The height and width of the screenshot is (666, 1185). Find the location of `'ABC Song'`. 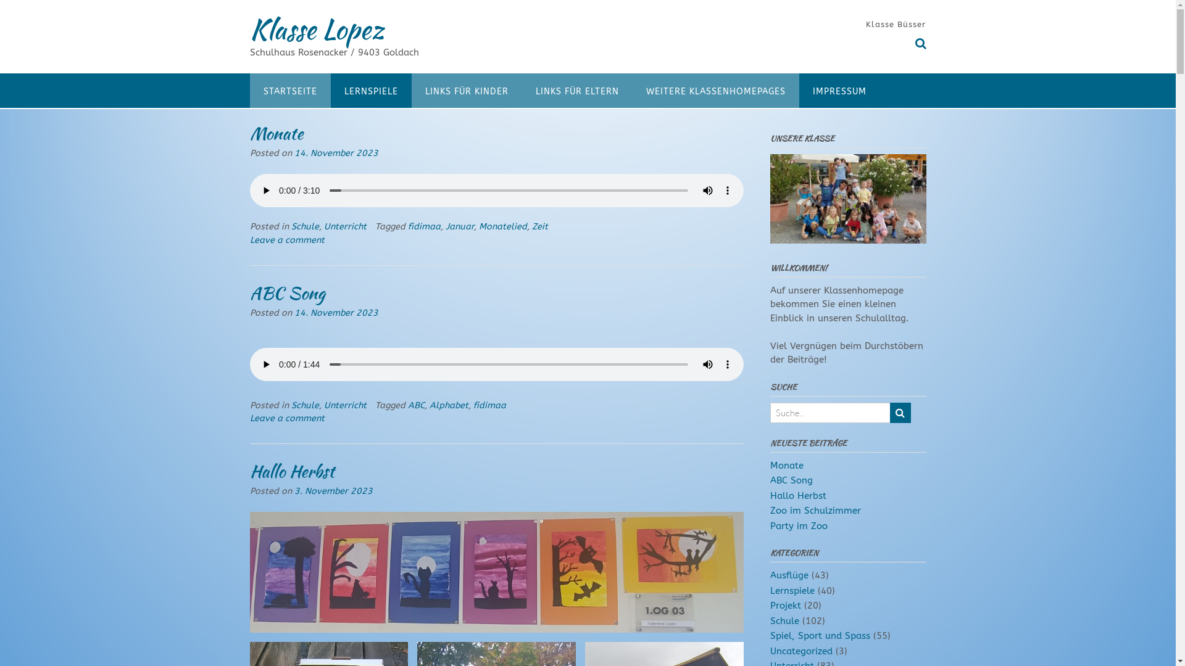

'ABC Song' is located at coordinates (791, 480).